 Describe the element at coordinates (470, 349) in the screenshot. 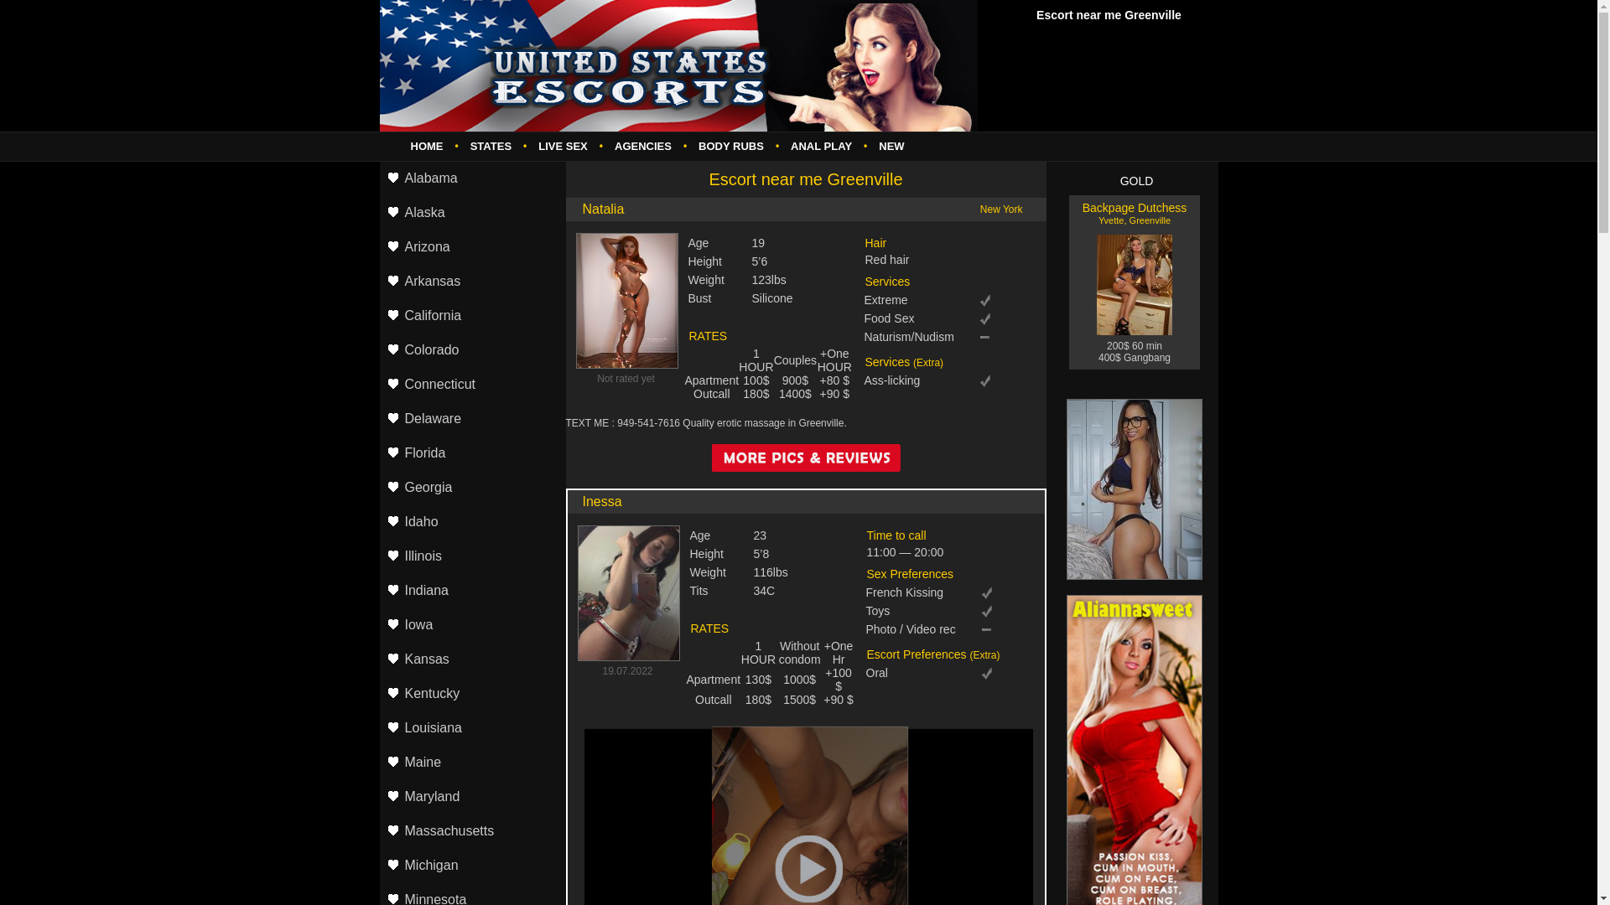

I see `'Colorado'` at that location.